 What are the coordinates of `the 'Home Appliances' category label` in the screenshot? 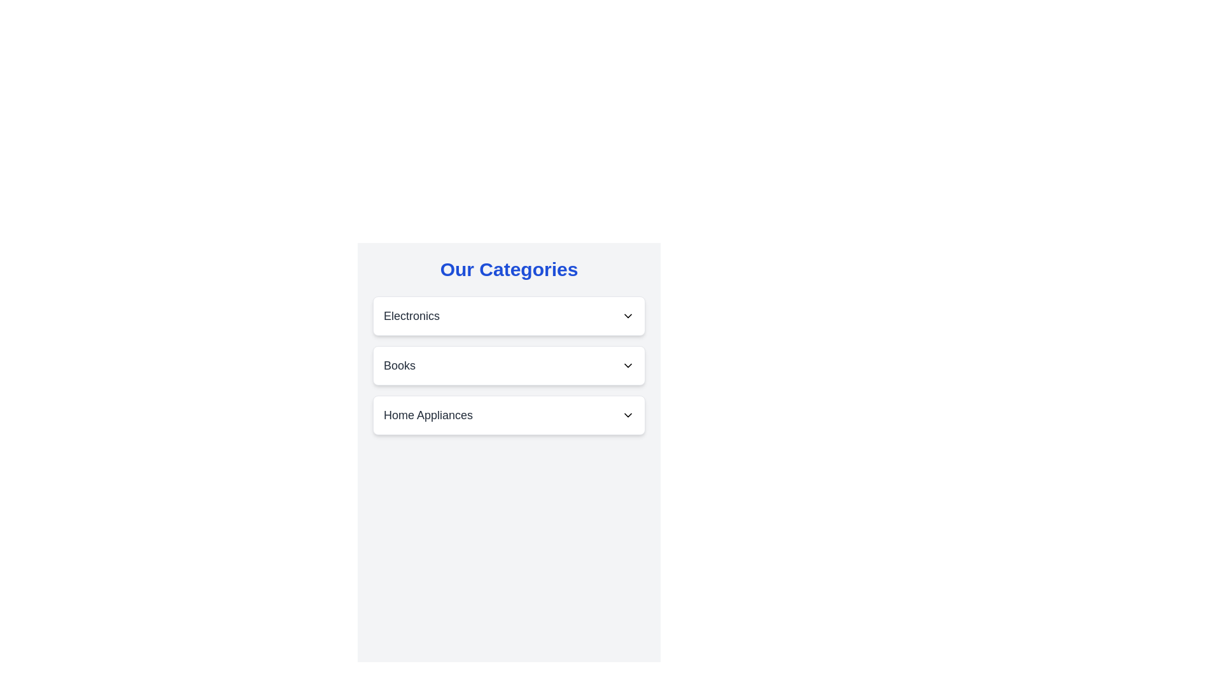 It's located at (428, 415).